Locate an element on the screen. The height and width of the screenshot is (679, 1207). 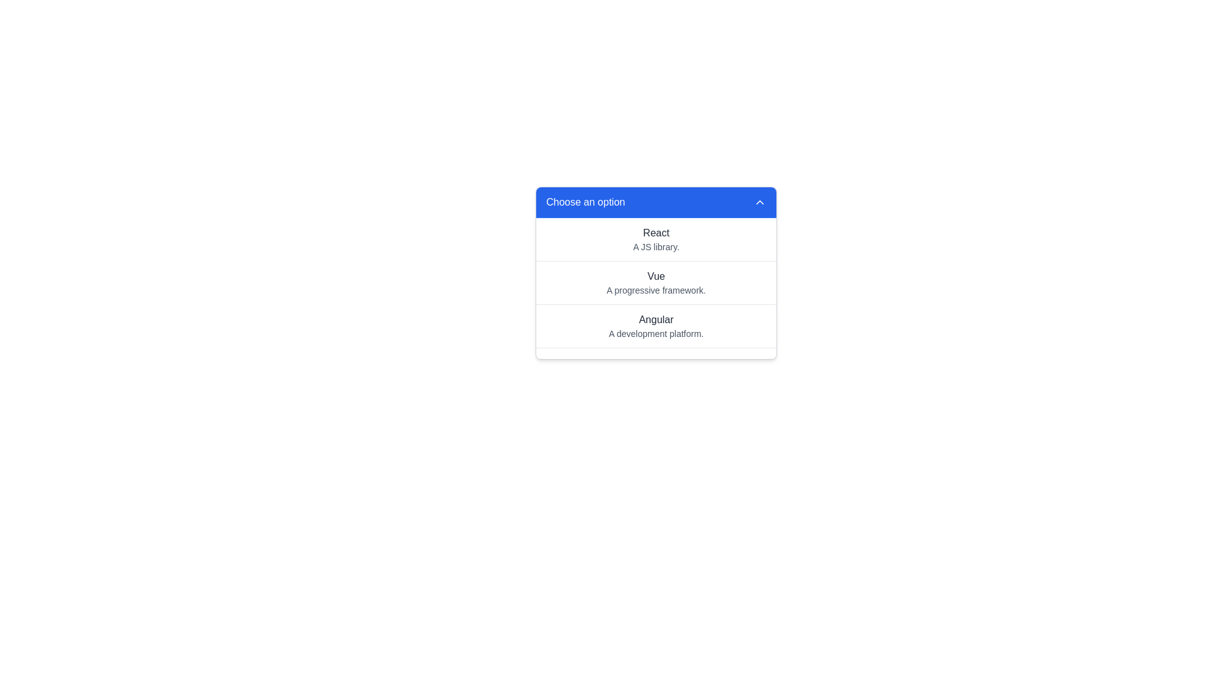
the text label 'A JS library.' which is styled in gray and positioned under the 'React' option in the dropdown menu is located at coordinates (655, 247).